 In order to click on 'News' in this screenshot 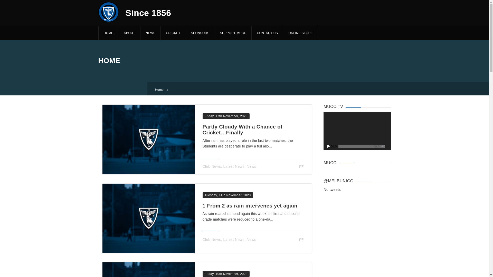, I will do `click(251, 239)`.